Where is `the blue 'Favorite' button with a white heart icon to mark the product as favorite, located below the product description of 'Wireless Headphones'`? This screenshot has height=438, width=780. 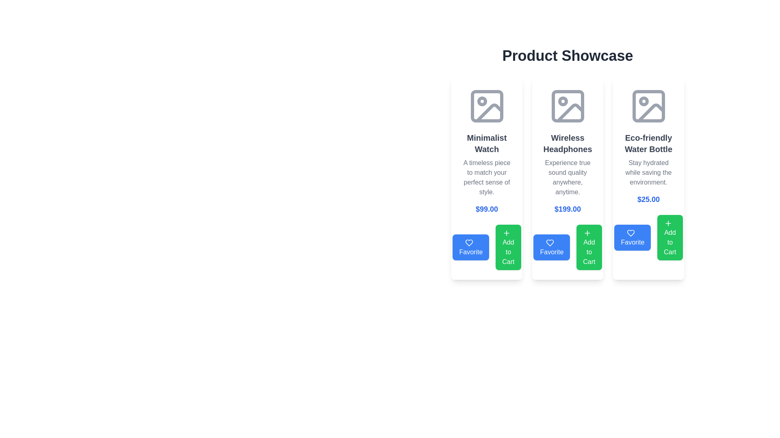 the blue 'Favorite' button with a white heart icon to mark the product as favorite, located below the product description of 'Wireless Headphones' is located at coordinates (567, 247).